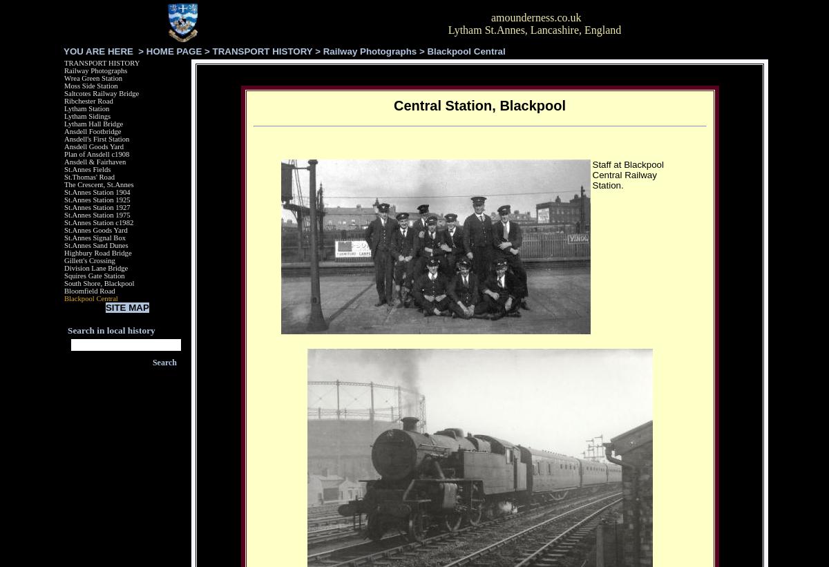 The height and width of the screenshot is (567, 829). What do you see at coordinates (90, 85) in the screenshot?
I see `'Moss Side Station'` at bounding box center [90, 85].